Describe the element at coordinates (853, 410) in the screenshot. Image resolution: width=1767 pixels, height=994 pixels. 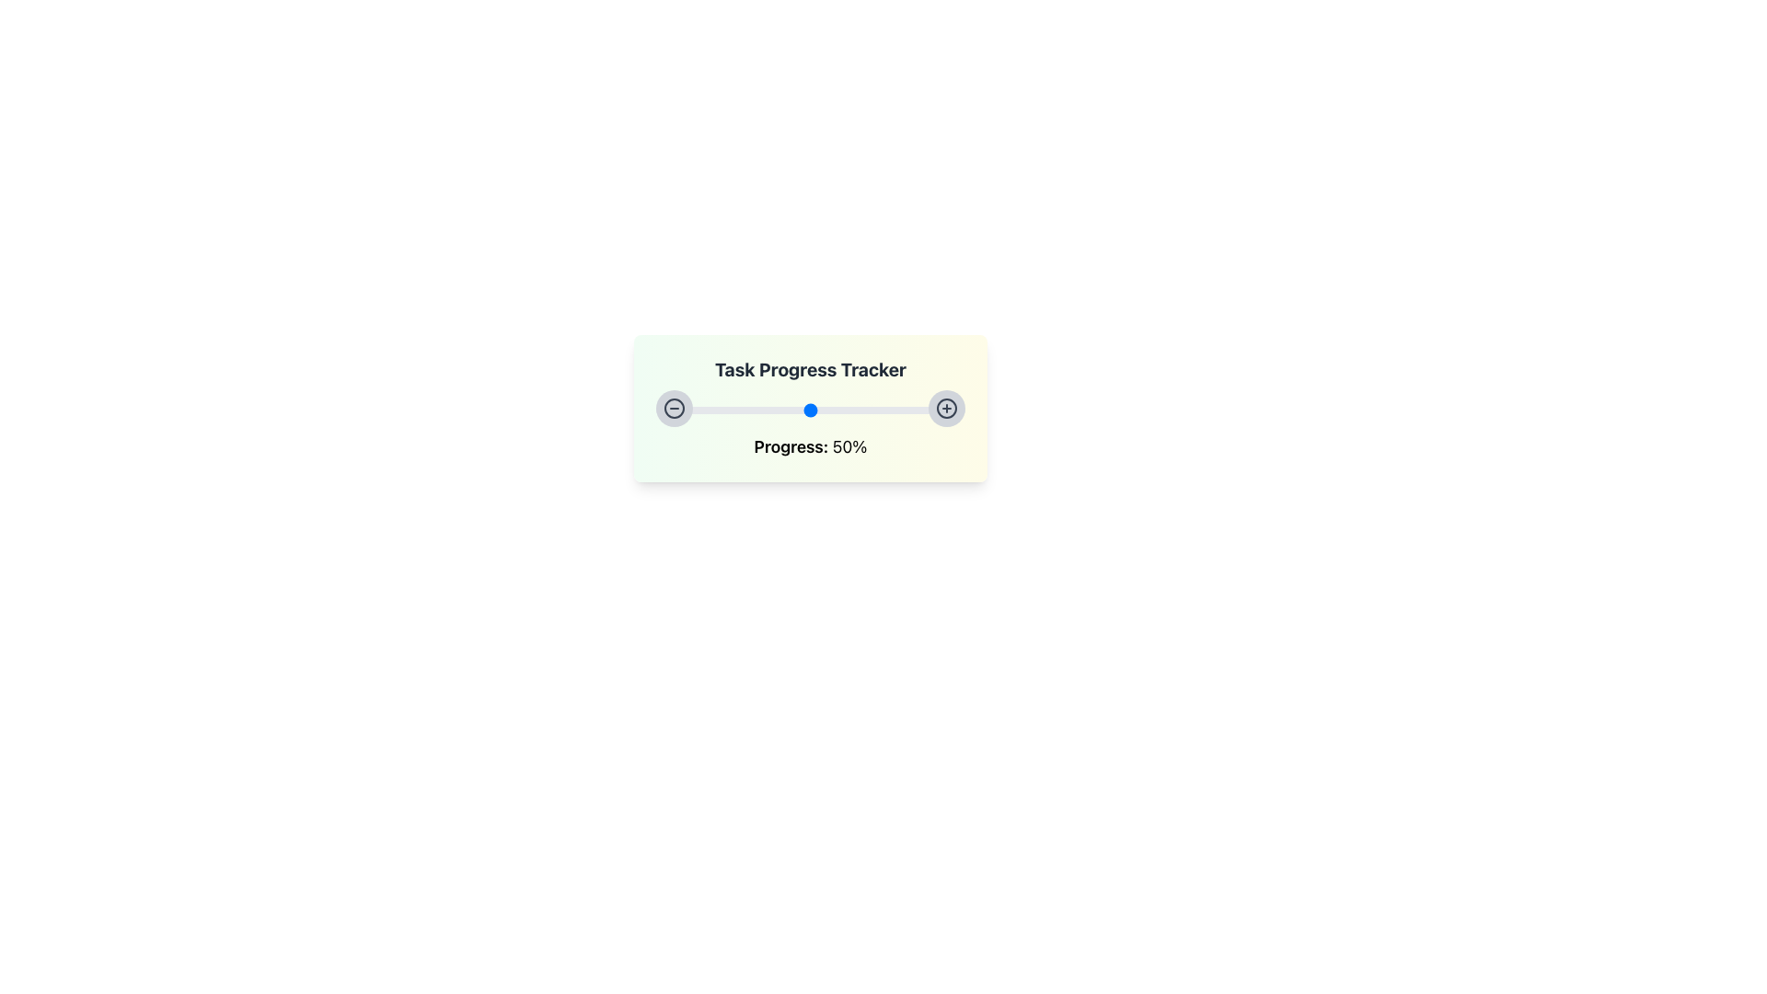
I see `the slider` at that location.